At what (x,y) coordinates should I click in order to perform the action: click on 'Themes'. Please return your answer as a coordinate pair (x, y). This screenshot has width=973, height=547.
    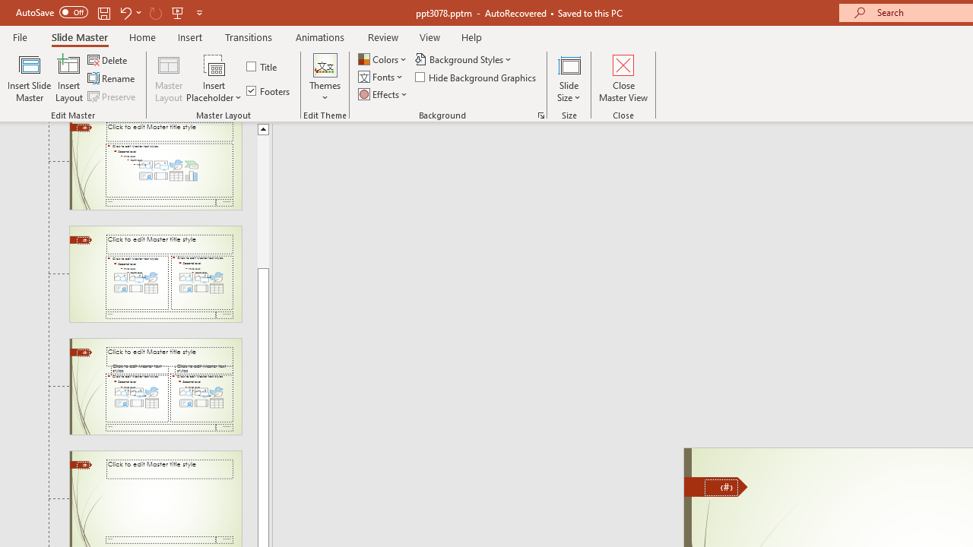
    Looking at the image, I should click on (324, 78).